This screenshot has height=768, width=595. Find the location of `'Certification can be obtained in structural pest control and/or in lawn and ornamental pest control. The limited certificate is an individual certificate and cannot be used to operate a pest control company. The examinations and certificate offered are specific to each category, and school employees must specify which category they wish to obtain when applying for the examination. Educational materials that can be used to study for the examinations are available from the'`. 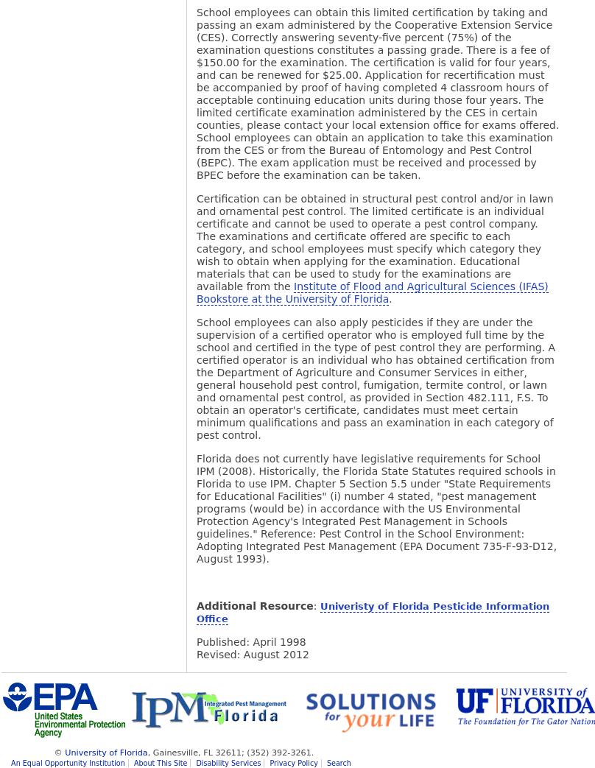

'Certification can be obtained in structural pest control and/or in lawn and ornamental pest control. The limited certificate is an individual certificate and cannot be used to operate a pest control company. The examinations and certificate offered are specific to each category, and school employees must specify which category they wish to obtain when applying for the examination. Educational materials that can be used to study for the examinations are available from the' is located at coordinates (374, 242).